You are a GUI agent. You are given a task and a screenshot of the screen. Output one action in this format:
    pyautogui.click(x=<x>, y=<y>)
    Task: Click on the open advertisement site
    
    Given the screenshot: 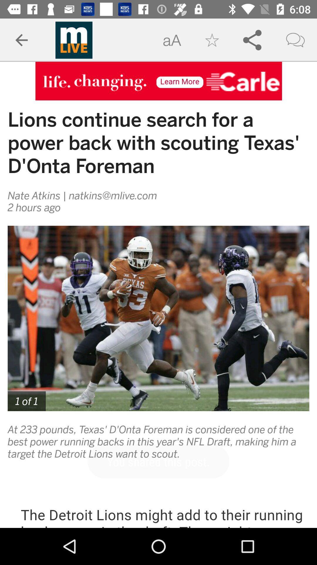 What is the action you would take?
    pyautogui.click(x=158, y=81)
    